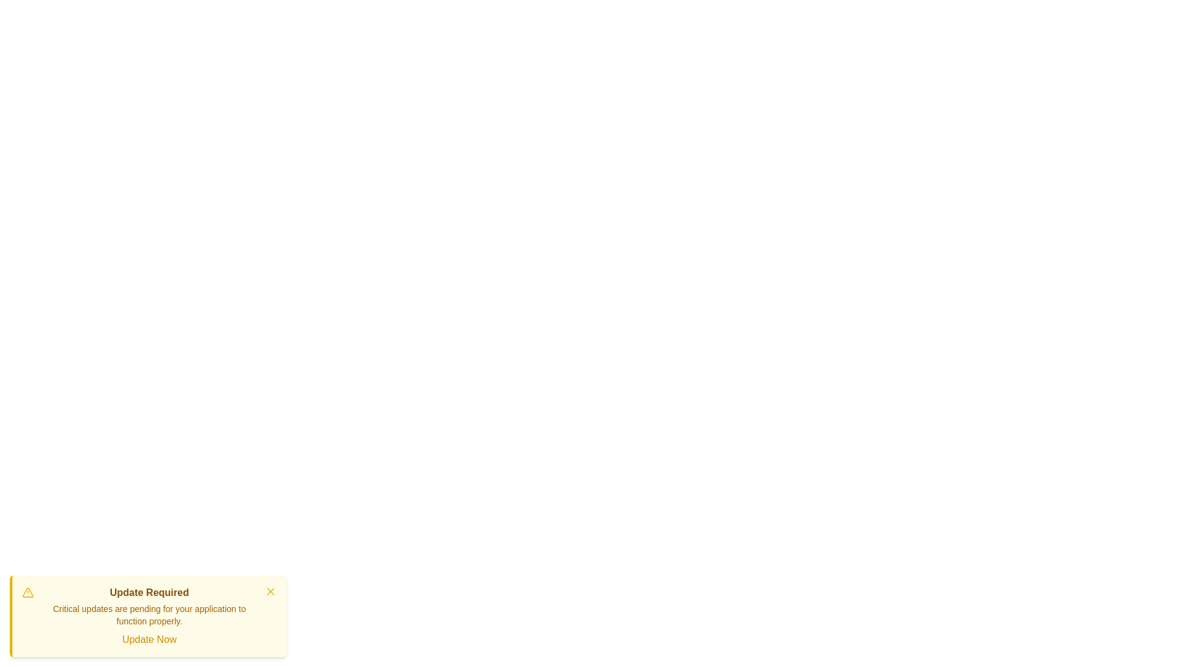 Image resolution: width=1187 pixels, height=667 pixels. Describe the element at coordinates (148, 639) in the screenshot. I see `the 'Update Now' button to trigger the update action` at that location.